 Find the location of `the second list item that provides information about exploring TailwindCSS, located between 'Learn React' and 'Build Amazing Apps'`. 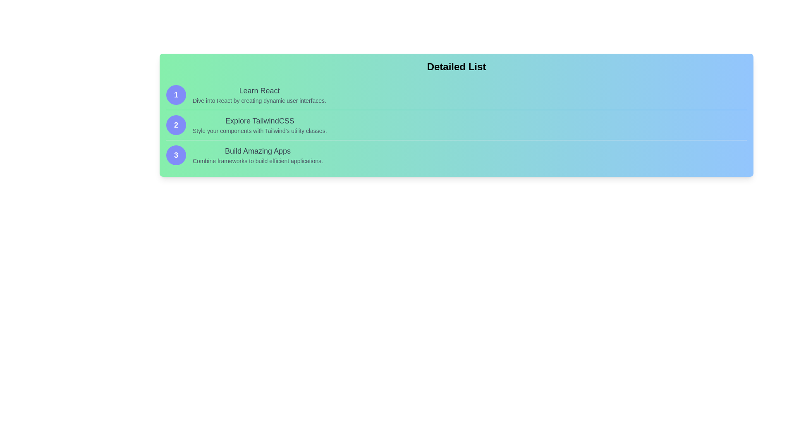

the second list item that provides information about exploring TailwindCSS, located between 'Learn React' and 'Build Amazing Apps' is located at coordinates (456, 125).